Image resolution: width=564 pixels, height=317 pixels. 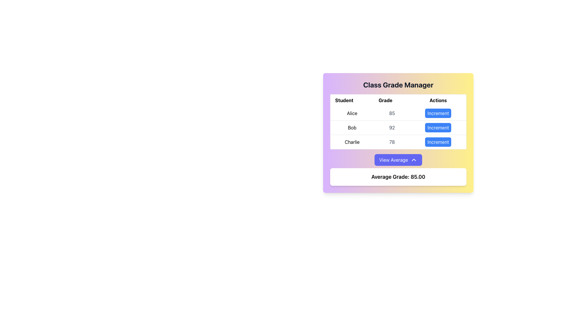 What do you see at coordinates (398, 133) in the screenshot?
I see `the table row corresponding to Bob, which contains his name 'Bob', grade '92', and the 'Increment' button` at bounding box center [398, 133].